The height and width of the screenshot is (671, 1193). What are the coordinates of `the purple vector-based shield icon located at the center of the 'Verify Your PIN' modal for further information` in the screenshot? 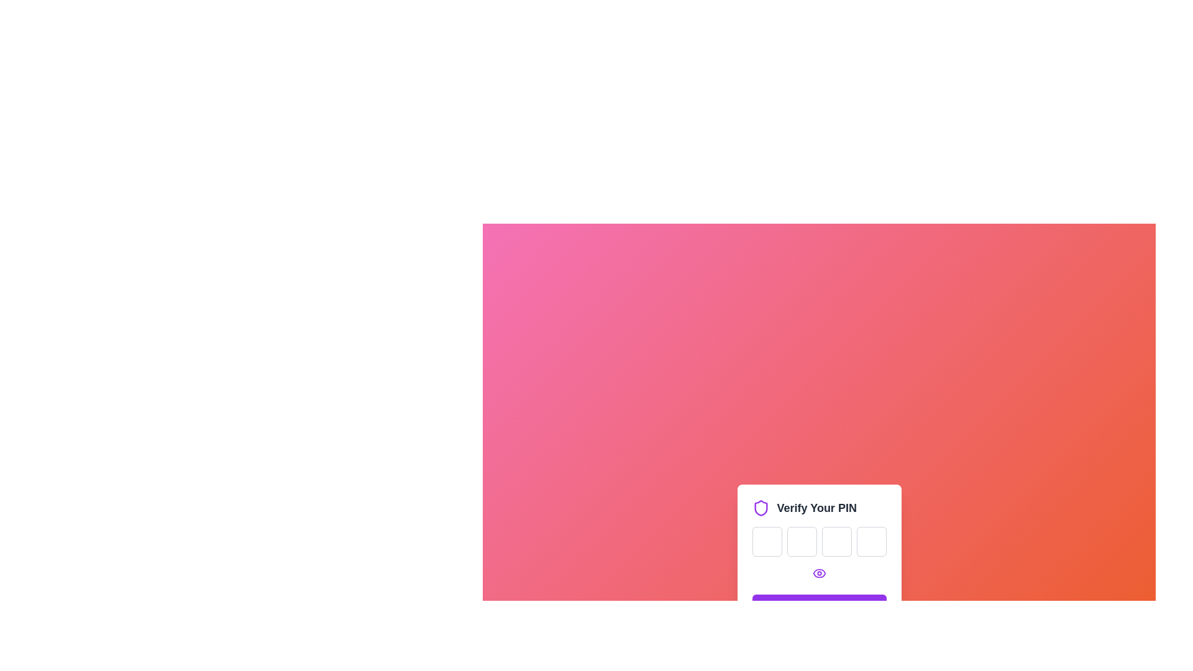 It's located at (760, 508).